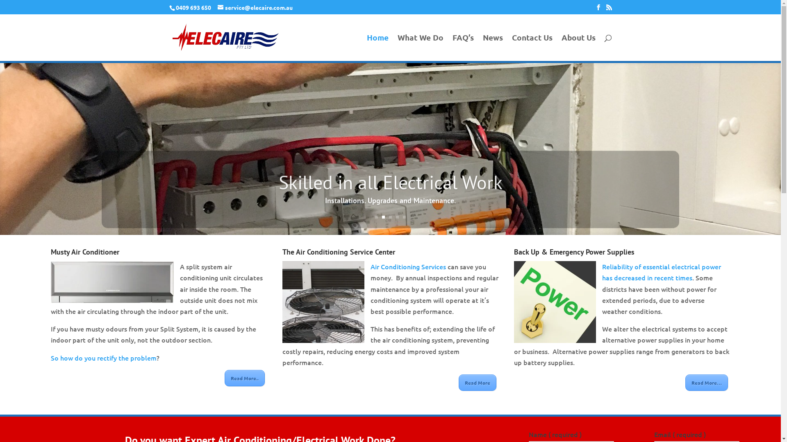  What do you see at coordinates (254, 7) in the screenshot?
I see `'service@elecaire.com.au'` at bounding box center [254, 7].